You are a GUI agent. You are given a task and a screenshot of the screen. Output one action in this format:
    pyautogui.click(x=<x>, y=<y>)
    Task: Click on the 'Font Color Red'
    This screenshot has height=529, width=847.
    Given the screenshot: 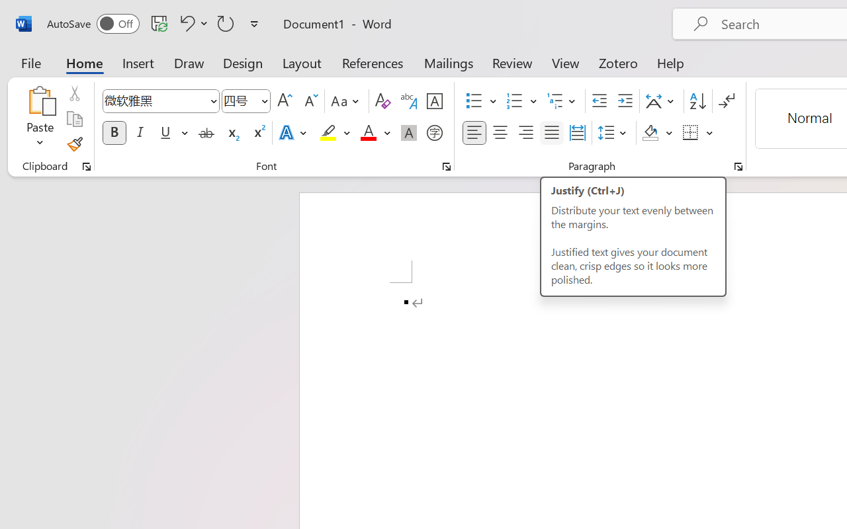 What is the action you would take?
    pyautogui.click(x=368, y=133)
    